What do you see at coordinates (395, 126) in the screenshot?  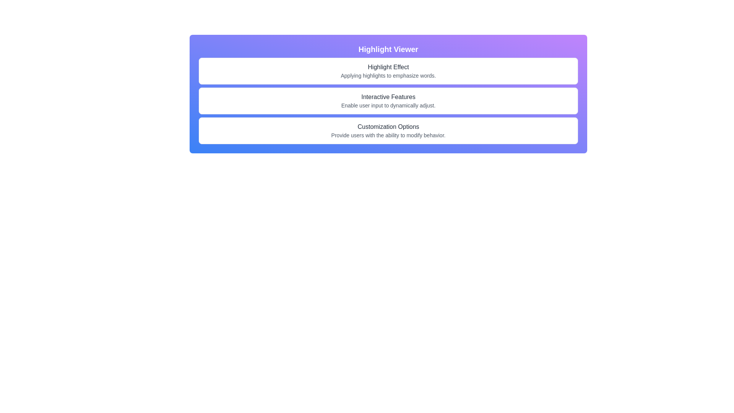 I see `the 13th character of the header 'Customization Options', which is part of the word 'Customization'` at bounding box center [395, 126].